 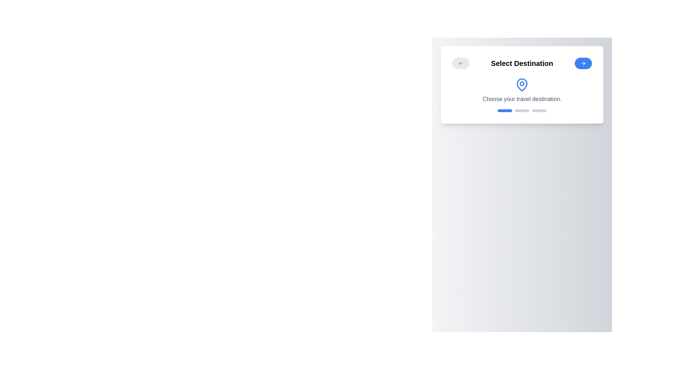 I want to click on the right arrow button within the rounded blue button in the top-right corner of the 'Select Destination' card to trigger a tooltip or visual feedback indicating interactivity, so click(x=583, y=63).